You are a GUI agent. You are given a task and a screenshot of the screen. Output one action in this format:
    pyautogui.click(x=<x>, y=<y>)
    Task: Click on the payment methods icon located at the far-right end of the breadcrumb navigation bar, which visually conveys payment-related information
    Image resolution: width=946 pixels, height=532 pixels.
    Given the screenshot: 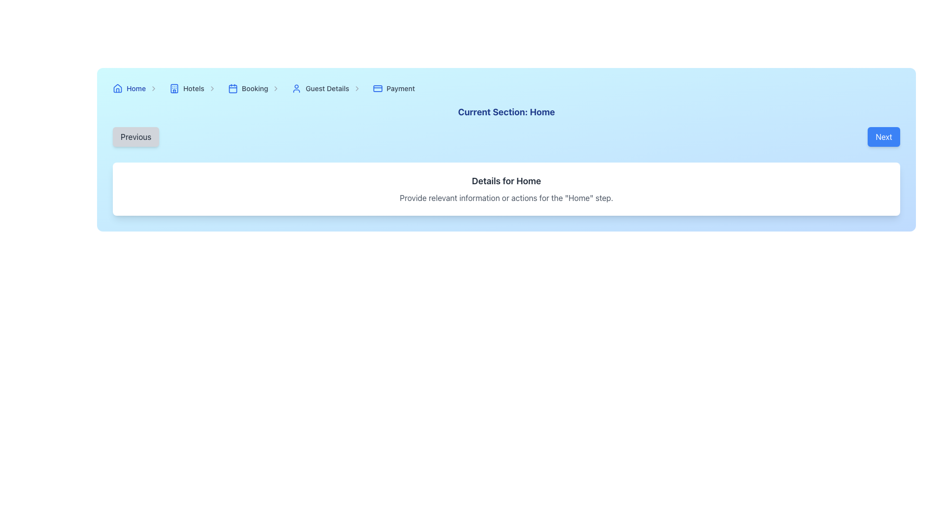 What is the action you would take?
    pyautogui.click(x=377, y=89)
    